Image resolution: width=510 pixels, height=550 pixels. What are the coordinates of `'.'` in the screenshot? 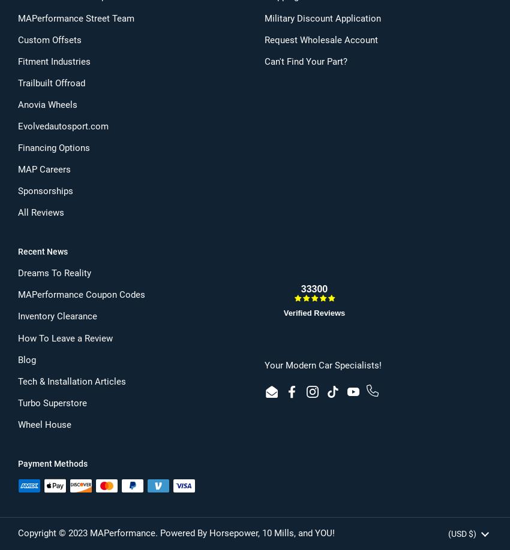 It's located at (154, 531).